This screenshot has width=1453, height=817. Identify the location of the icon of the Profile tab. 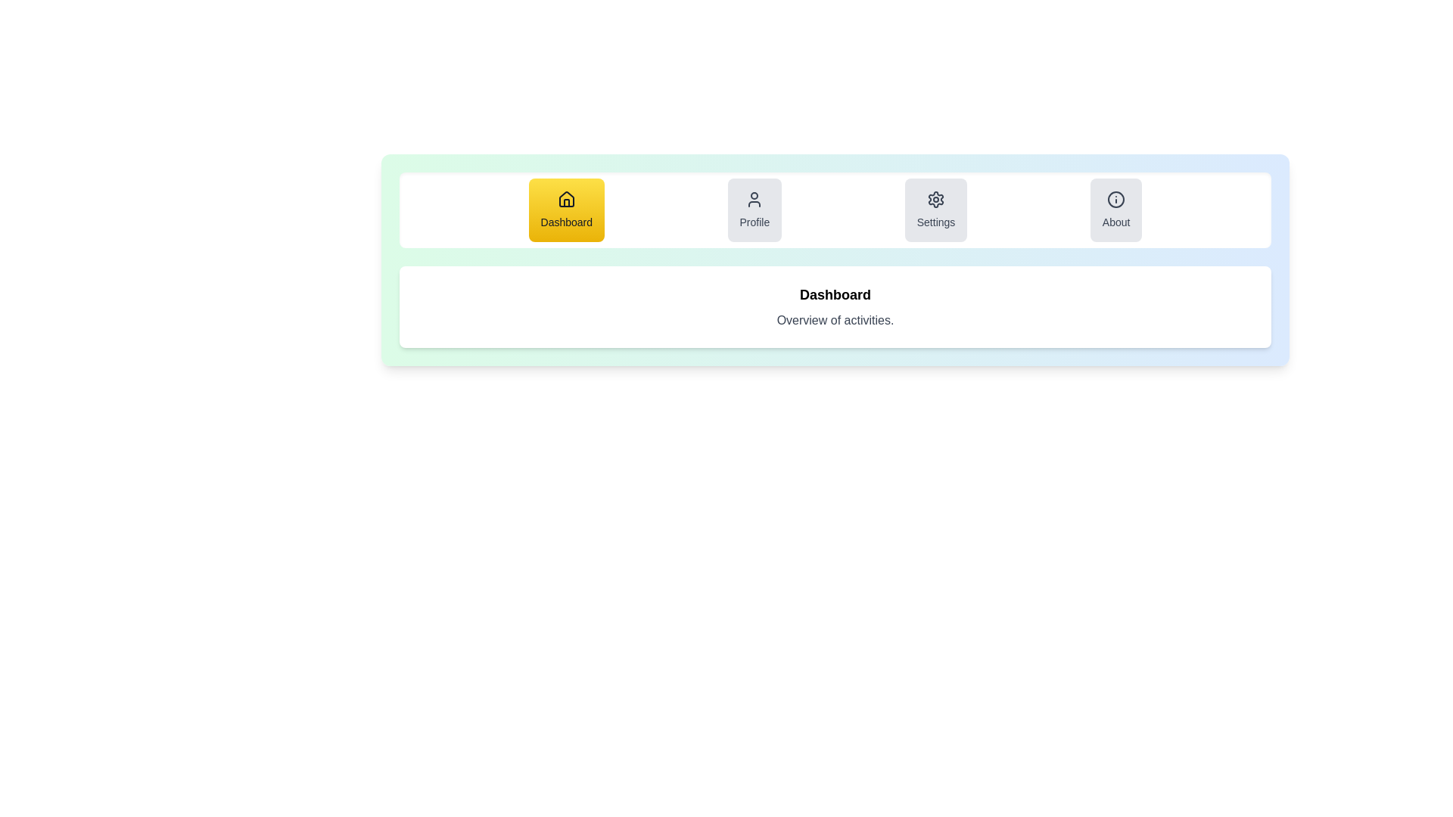
(755, 198).